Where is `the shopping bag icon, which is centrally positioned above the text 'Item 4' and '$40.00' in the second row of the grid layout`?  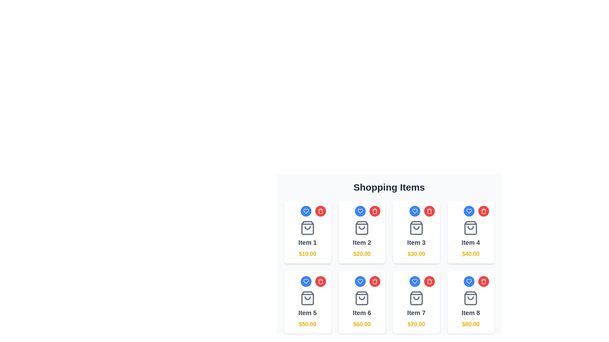
the shopping bag icon, which is centrally positioned above the text 'Item 4' and '$40.00' in the second row of the grid layout is located at coordinates (471, 228).